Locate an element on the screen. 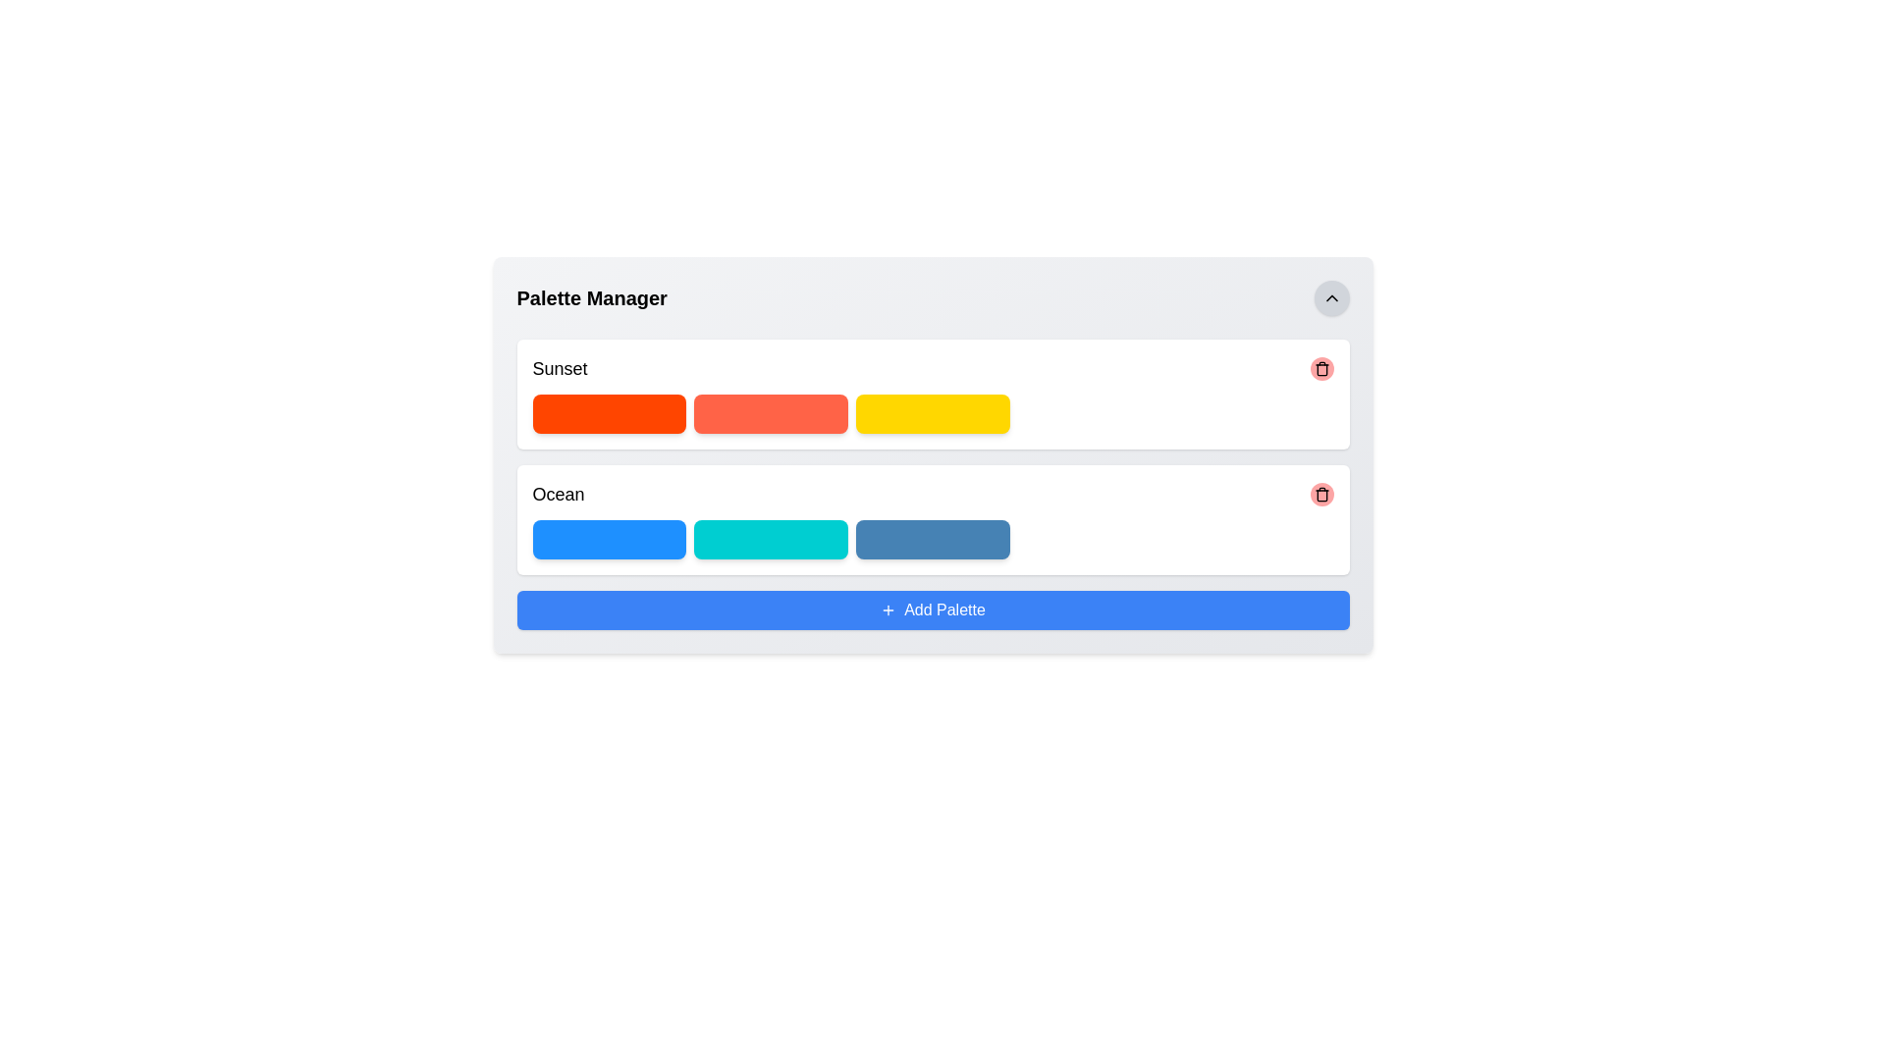 The image size is (1885, 1060). the trash icon button, which is a black outlined bin within a circular red button, located to the right of the 'Sunset' palette entry in the palette manager interface is located at coordinates (1321, 368).